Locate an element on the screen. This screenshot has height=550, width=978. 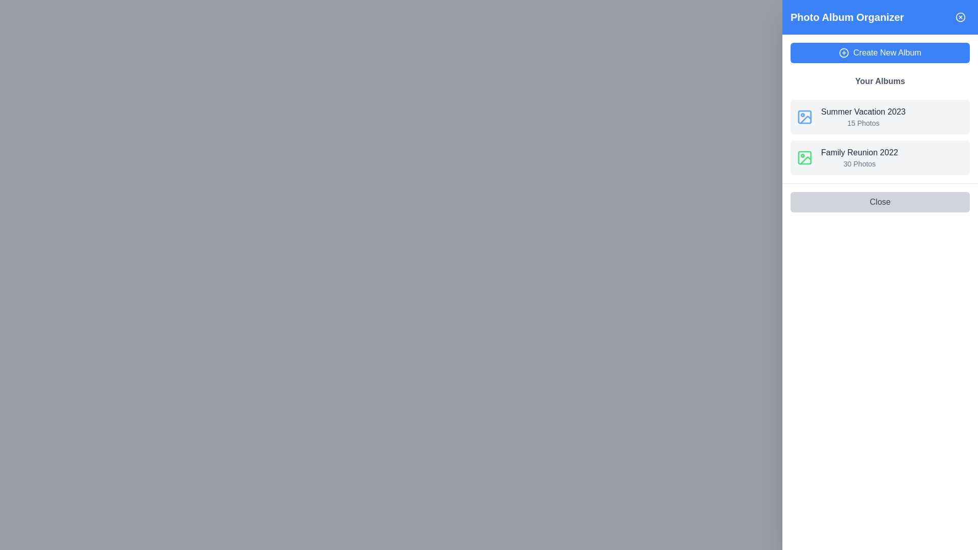
the label displaying 'Family Reunion 2022' located in the second card under the 'Your Albums' section in the right sidebar of the Photo Album Organizer interface is located at coordinates (859, 153).